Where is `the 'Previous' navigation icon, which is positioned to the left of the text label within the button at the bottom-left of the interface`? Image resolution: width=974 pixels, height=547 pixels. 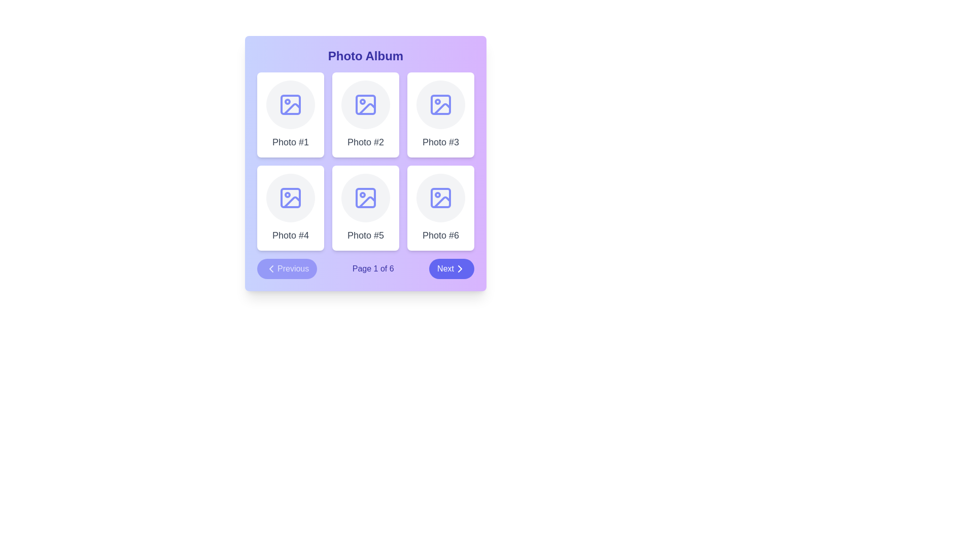
the 'Previous' navigation icon, which is positioned to the left of the text label within the button at the bottom-left of the interface is located at coordinates (271, 268).